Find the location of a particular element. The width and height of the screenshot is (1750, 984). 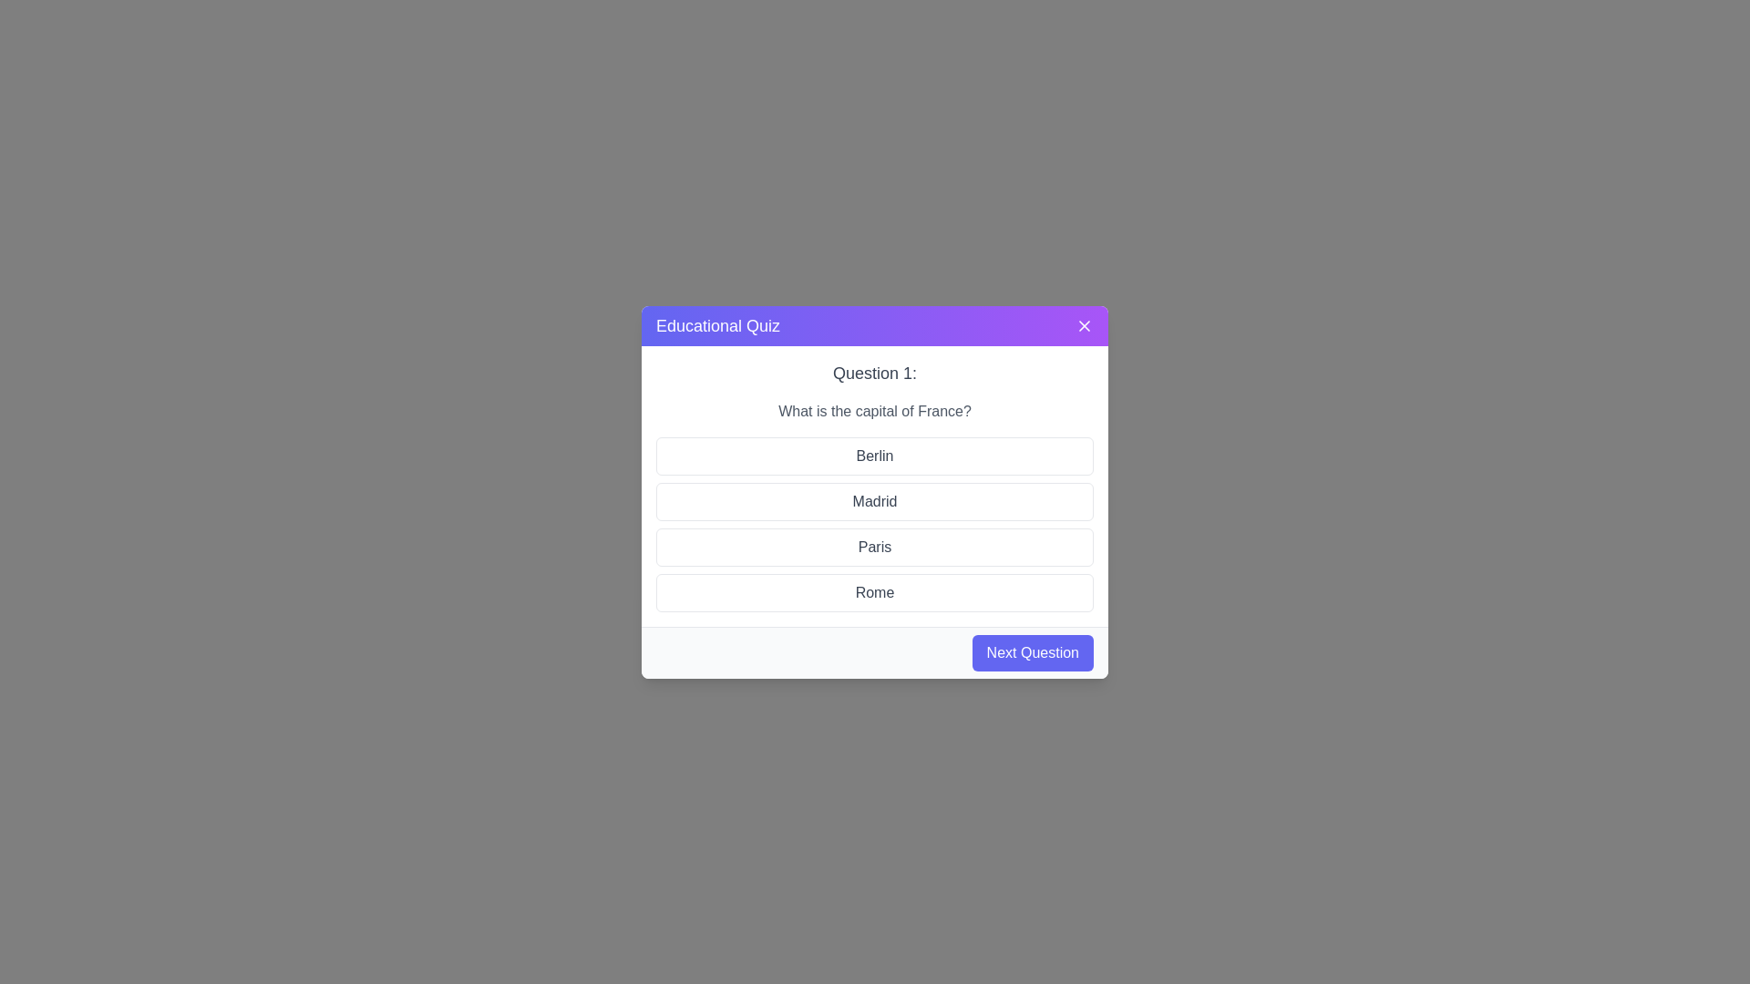

the button labeled 'Rome', which is the fourth option in a vertical list of buttons is located at coordinates (875, 592).